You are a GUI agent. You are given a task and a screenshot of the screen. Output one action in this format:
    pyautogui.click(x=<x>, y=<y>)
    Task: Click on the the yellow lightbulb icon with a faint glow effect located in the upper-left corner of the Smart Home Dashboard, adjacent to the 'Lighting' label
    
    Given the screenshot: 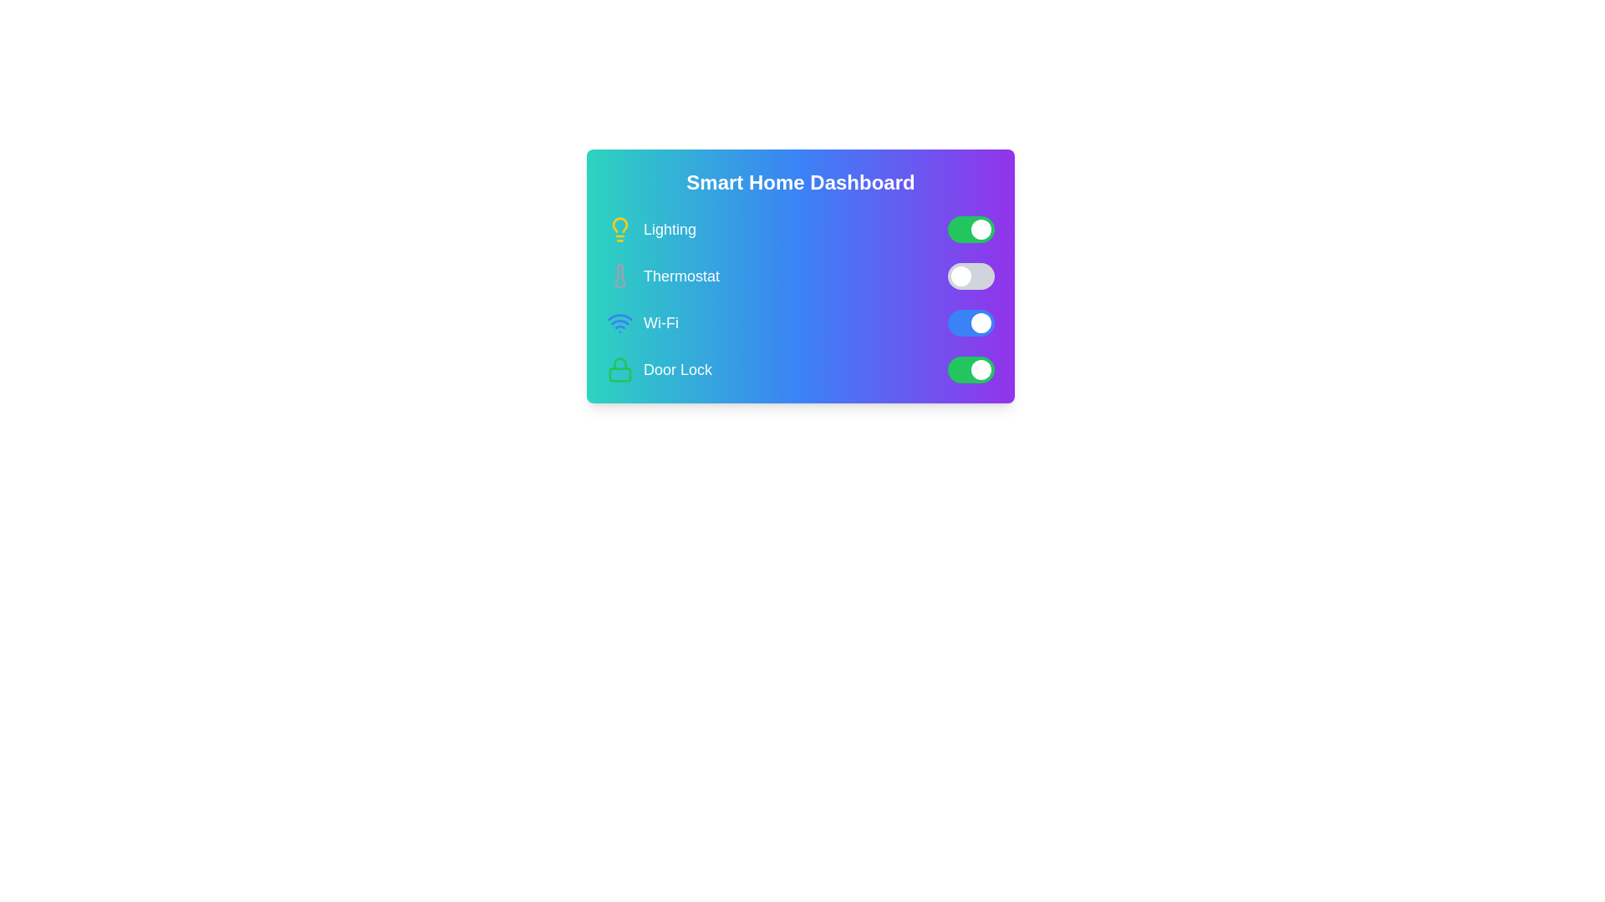 What is the action you would take?
    pyautogui.click(x=619, y=224)
    